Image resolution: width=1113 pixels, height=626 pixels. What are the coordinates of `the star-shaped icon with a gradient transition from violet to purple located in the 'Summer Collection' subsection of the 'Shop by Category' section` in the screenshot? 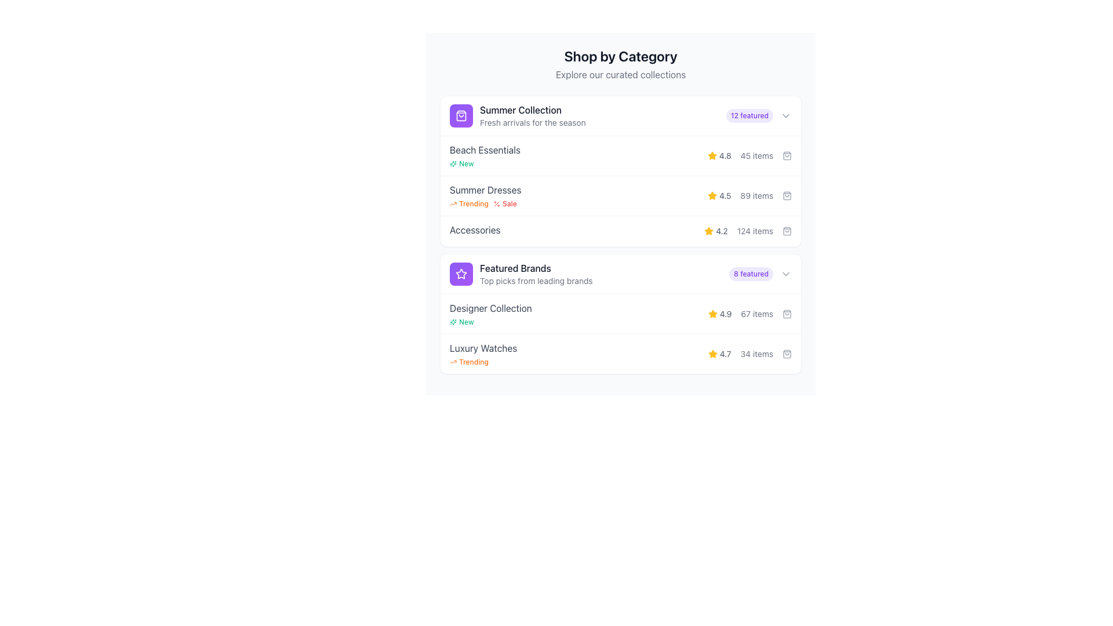 It's located at (461, 274).